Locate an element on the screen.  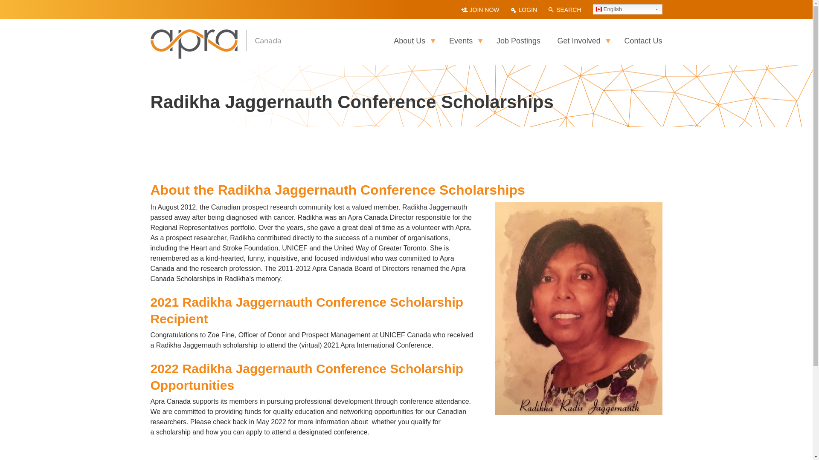
'JOIN NOW' is located at coordinates (480, 10).